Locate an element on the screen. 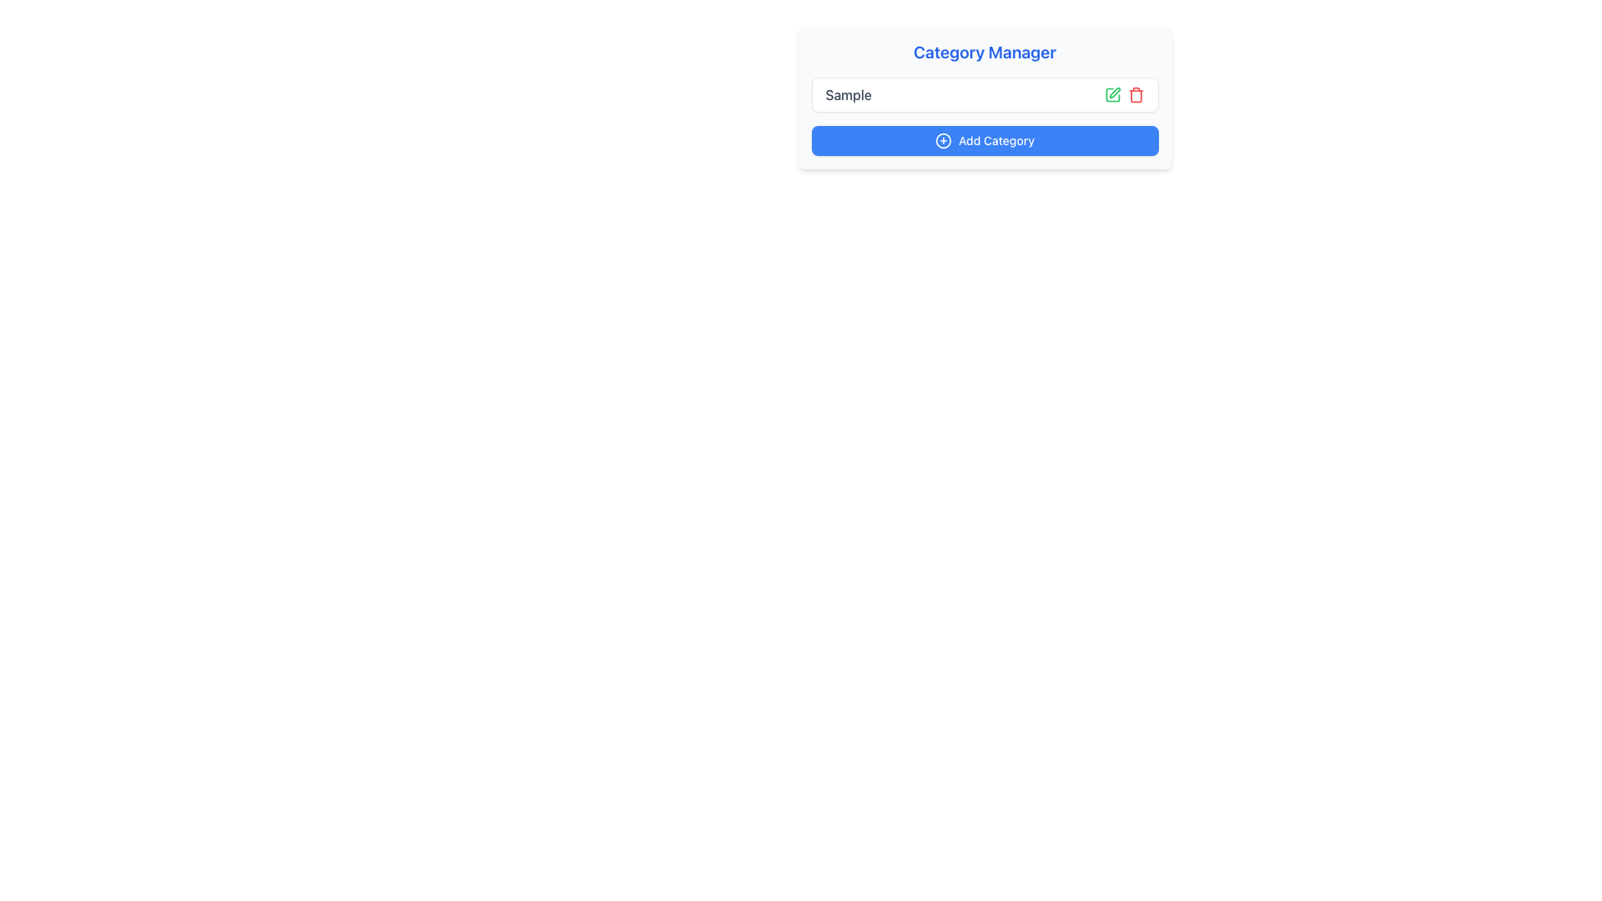  the circular graphical shape located at the center of the 'Add Category' button, which is styled with a thin stroke and no fill color, to indirectly activate its function is located at coordinates (944, 140).